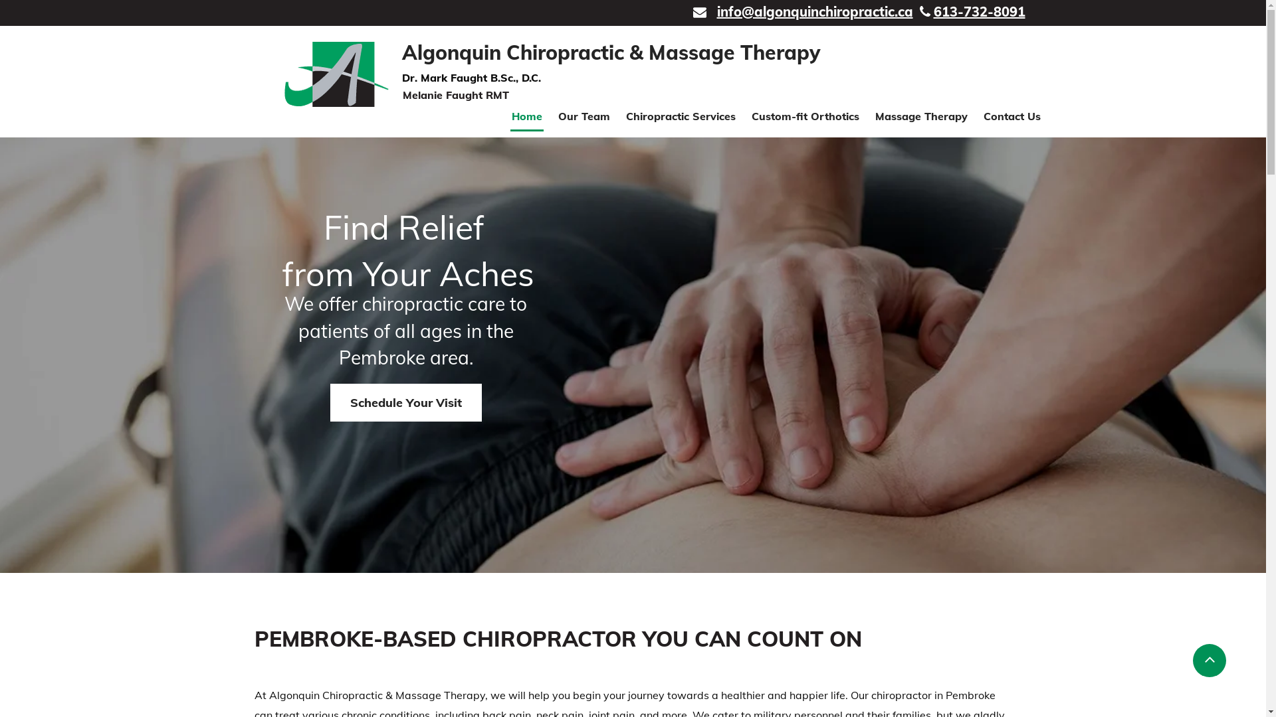  What do you see at coordinates (681, 116) in the screenshot?
I see `'Chiropractic Services'` at bounding box center [681, 116].